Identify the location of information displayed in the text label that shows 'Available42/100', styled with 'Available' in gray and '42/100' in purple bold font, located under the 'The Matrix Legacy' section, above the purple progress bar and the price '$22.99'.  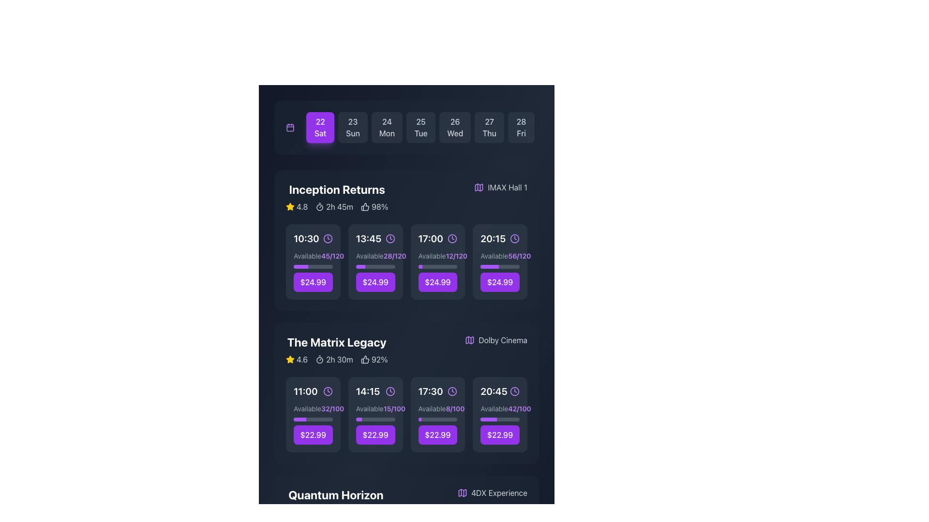
(500, 408).